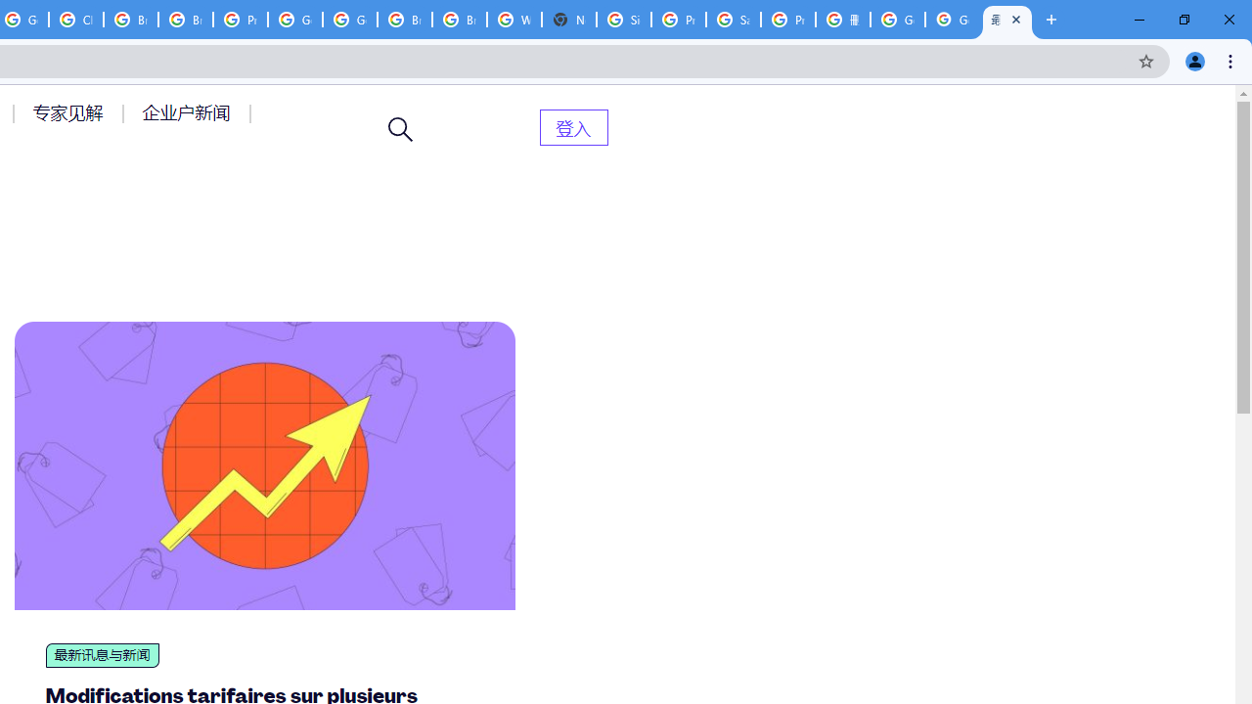  I want to click on 'AutomationID: menu-item-77764', so click(70, 112).